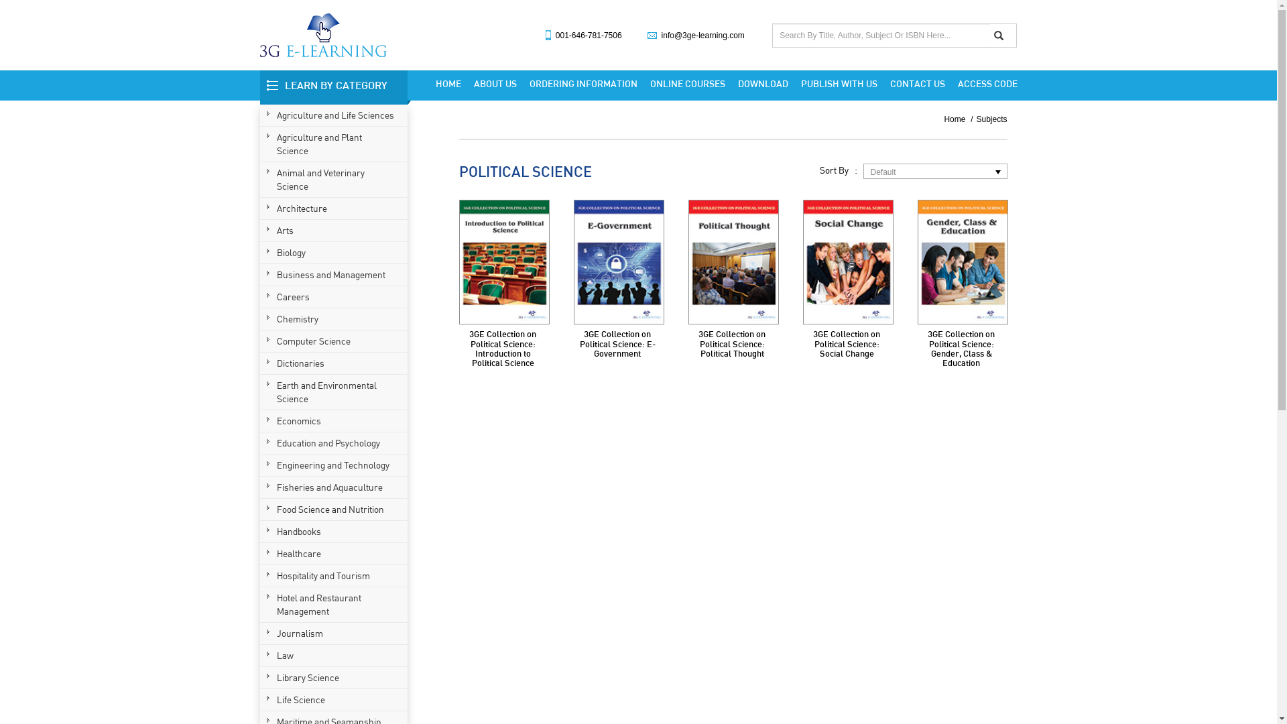  What do you see at coordinates (334, 677) in the screenshot?
I see `'Library Science'` at bounding box center [334, 677].